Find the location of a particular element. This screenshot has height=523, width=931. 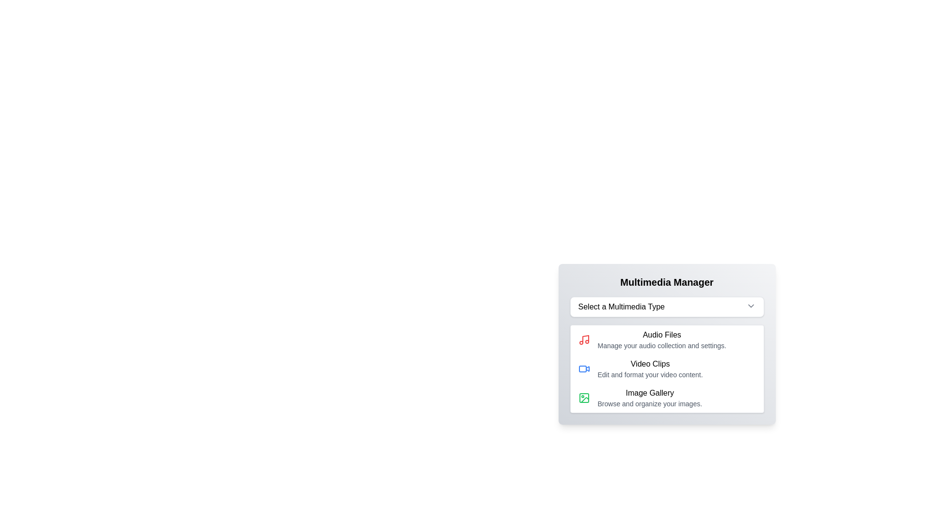

the 'Image Gallery' icon, which is positioned to the left of the text and signifies the option under 'Multimedia Manager' is located at coordinates (583, 398).